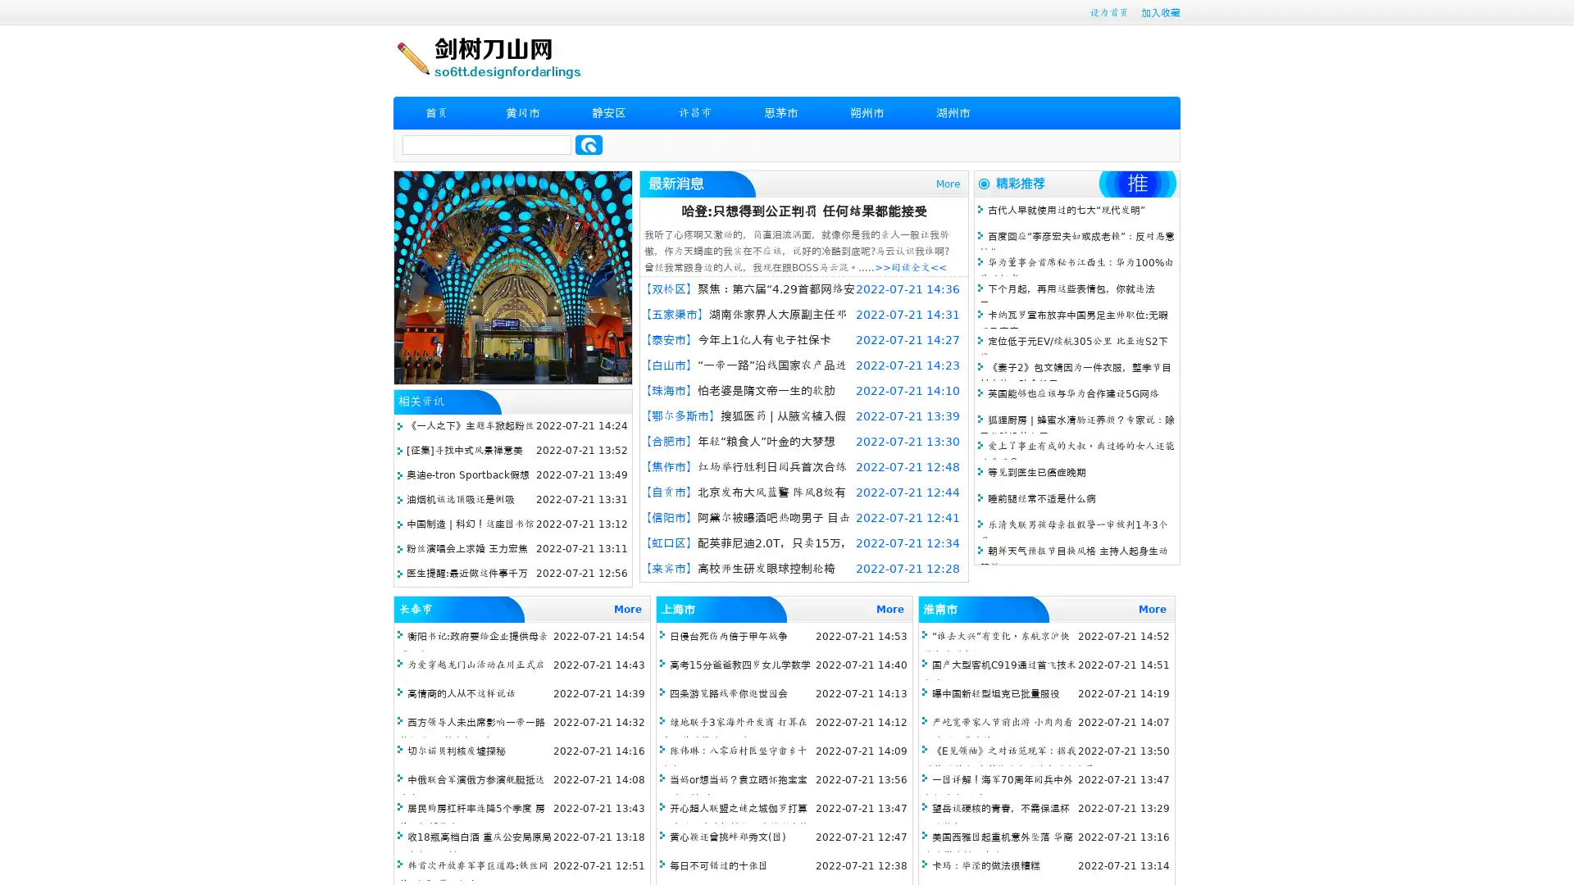 The image size is (1574, 885). Describe the element at coordinates (589, 144) in the screenshot. I see `Search` at that location.